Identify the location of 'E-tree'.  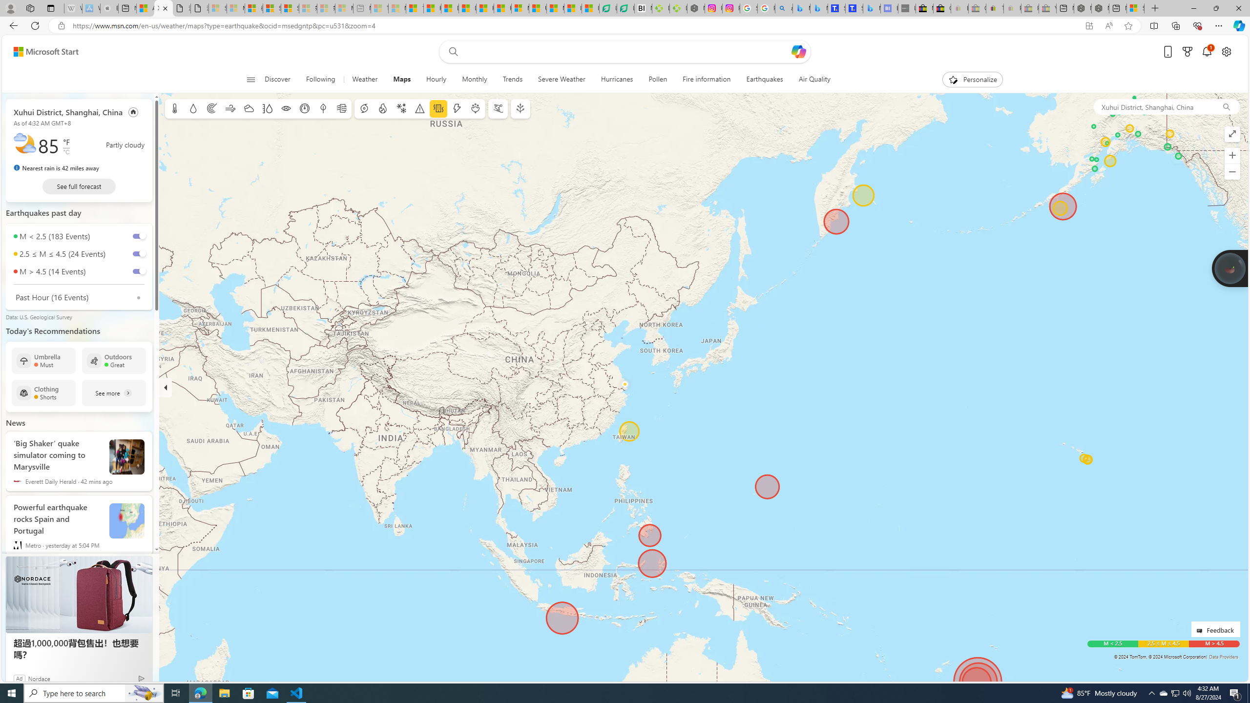
(519, 108).